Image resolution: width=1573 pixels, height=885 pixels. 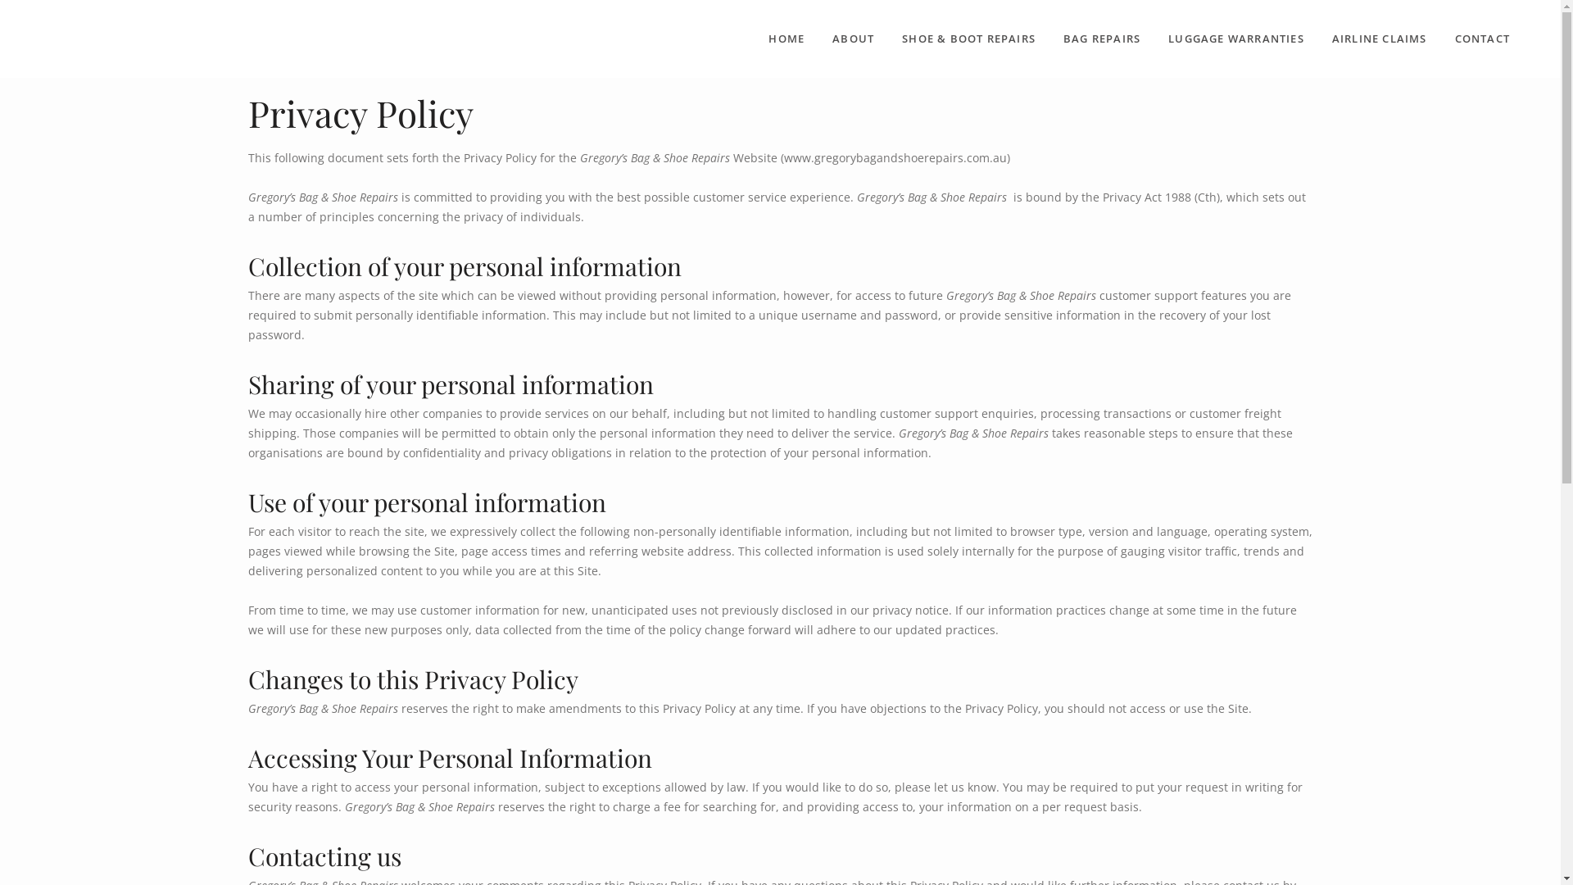 What do you see at coordinates (968, 38) in the screenshot?
I see `'SHOE & BOOT REPAIRS'` at bounding box center [968, 38].